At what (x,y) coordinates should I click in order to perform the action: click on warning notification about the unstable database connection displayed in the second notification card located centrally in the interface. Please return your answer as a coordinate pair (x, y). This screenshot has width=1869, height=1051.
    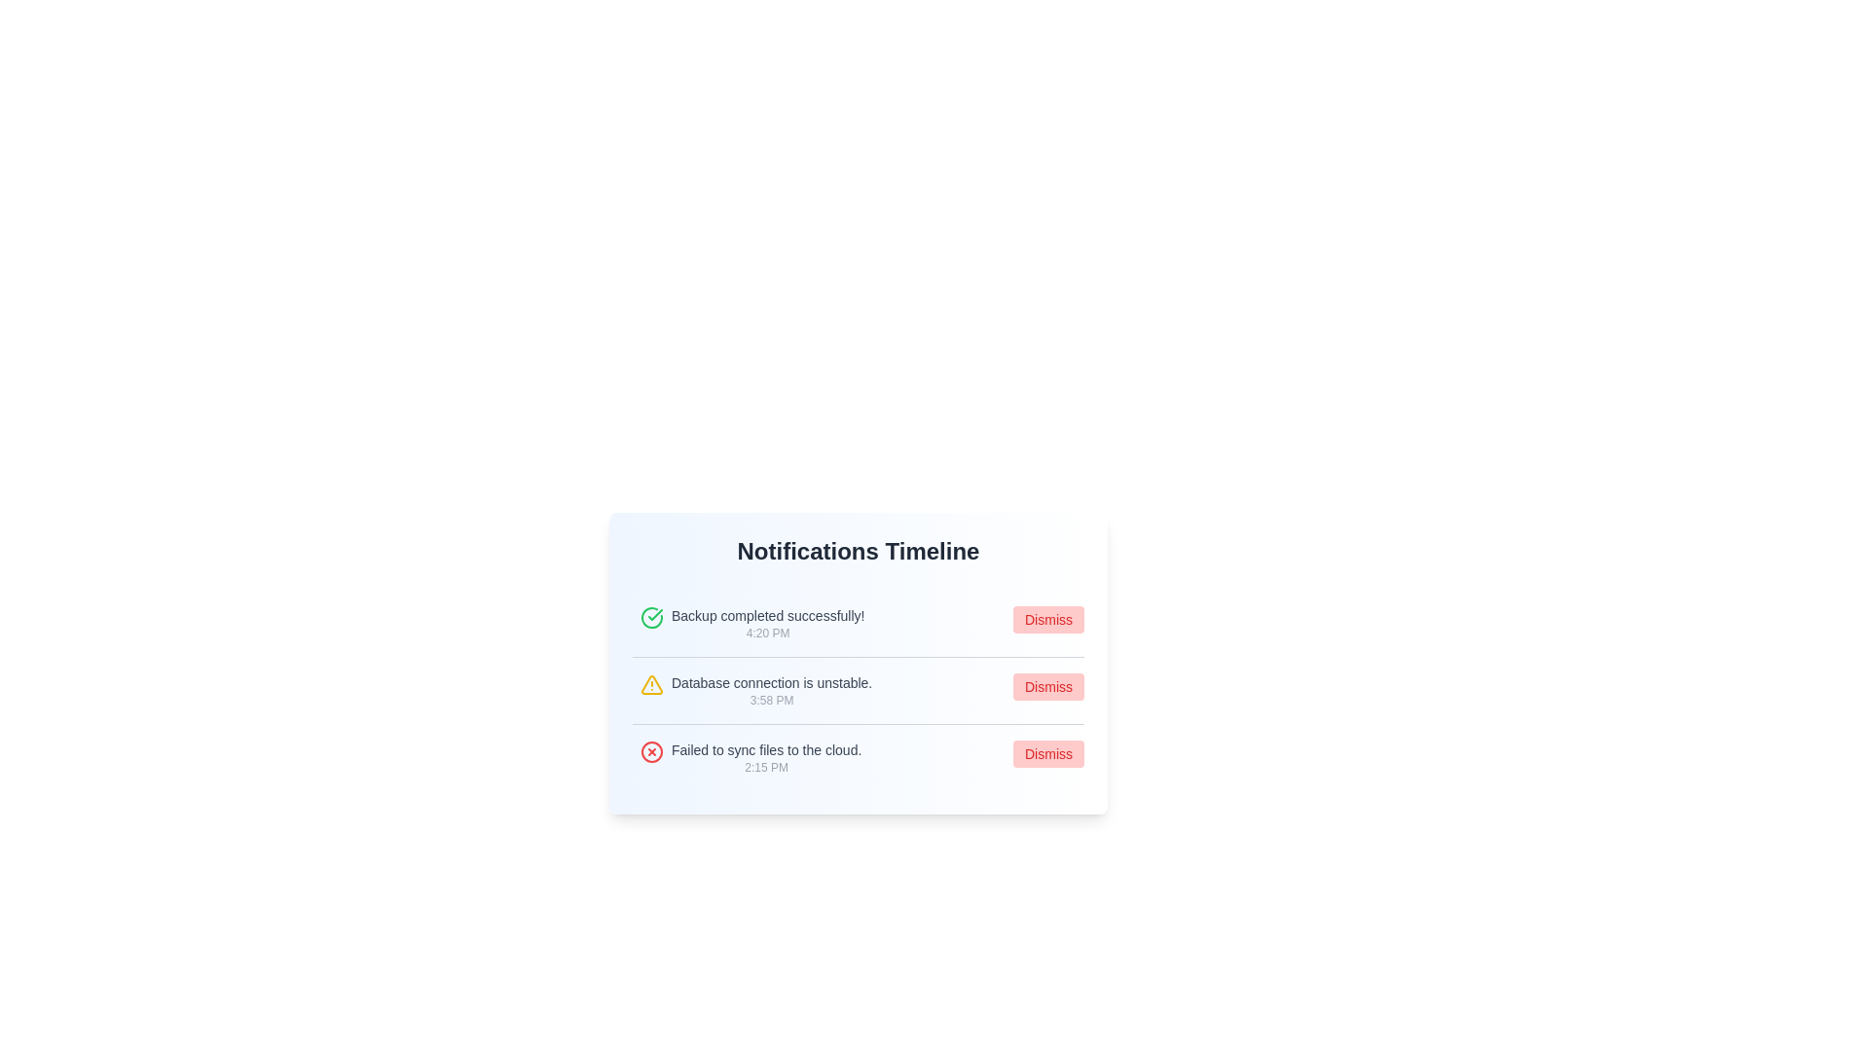
    Looking at the image, I should click on (771, 689).